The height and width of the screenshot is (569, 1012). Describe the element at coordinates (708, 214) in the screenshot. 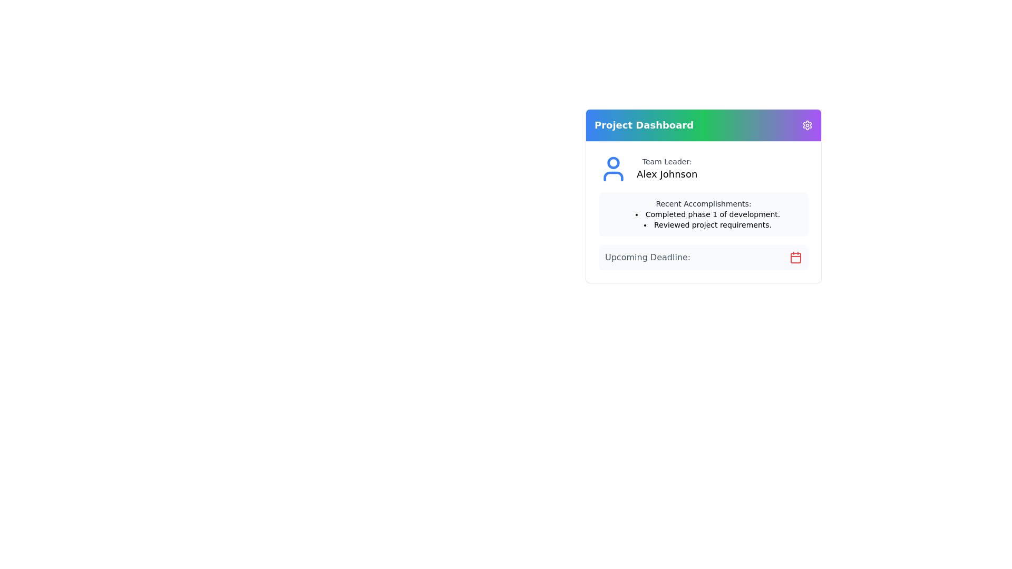

I see `the text block displaying 'Completed phase 1 of development.' which is the first item in a bulleted list under 'Recent Accomplishments.'` at that location.